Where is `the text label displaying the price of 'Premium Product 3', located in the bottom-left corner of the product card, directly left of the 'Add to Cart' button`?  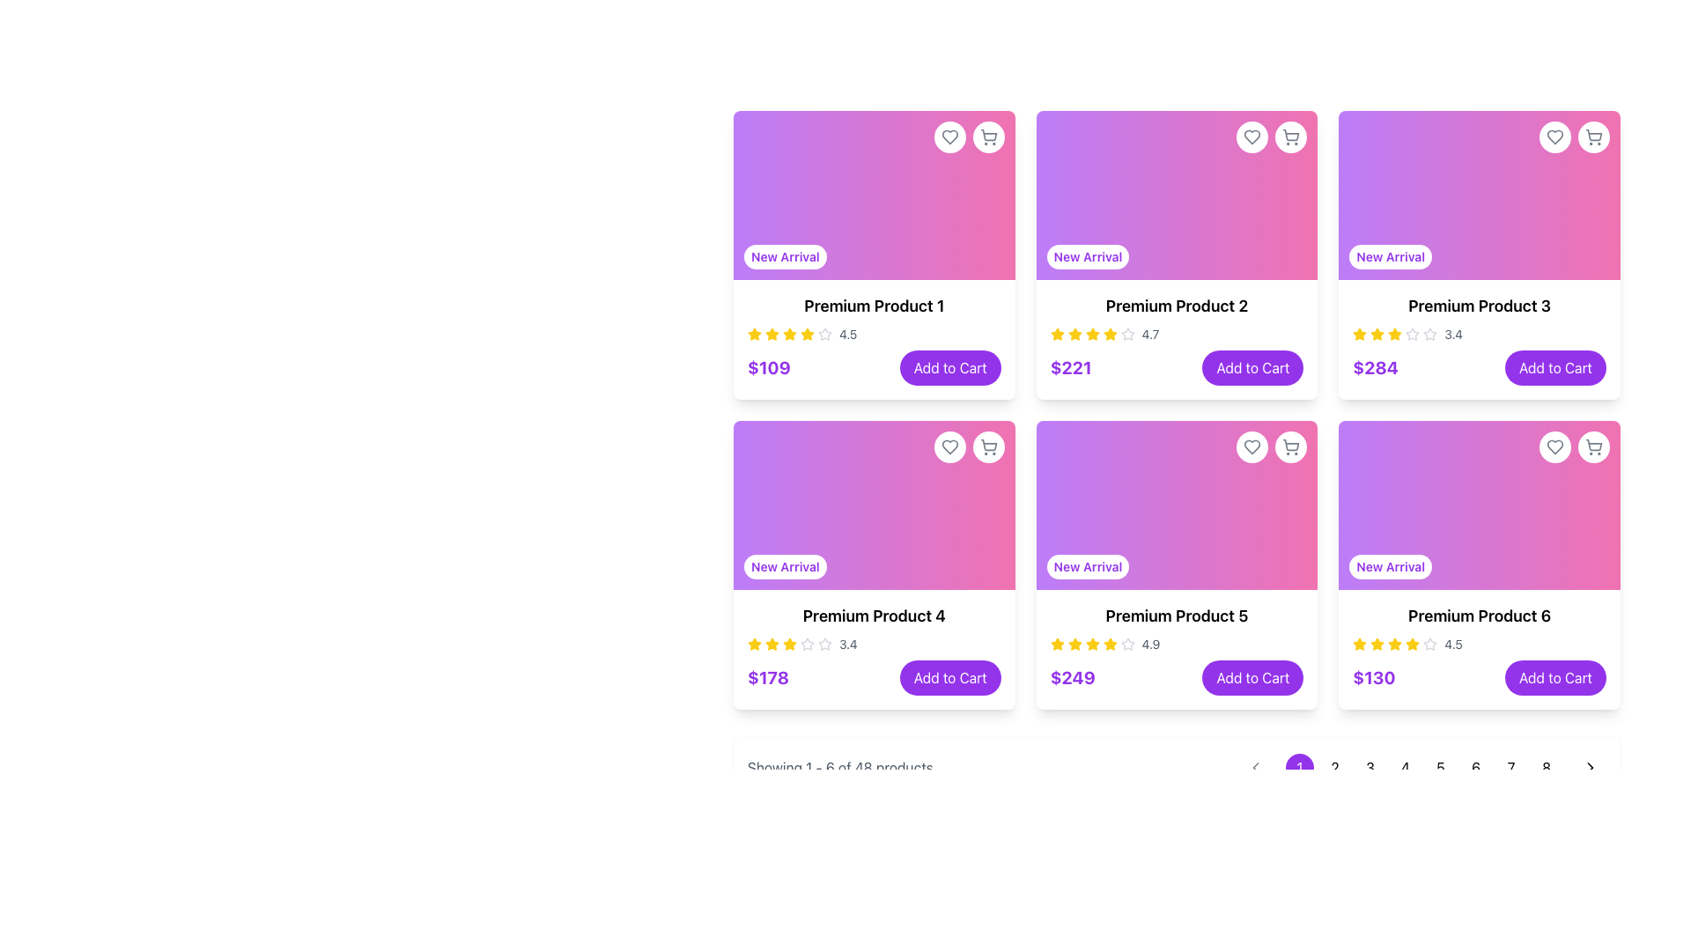
the text label displaying the price of 'Premium Product 3', located in the bottom-left corner of the product card, directly left of the 'Add to Cart' button is located at coordinates (1375, 366).